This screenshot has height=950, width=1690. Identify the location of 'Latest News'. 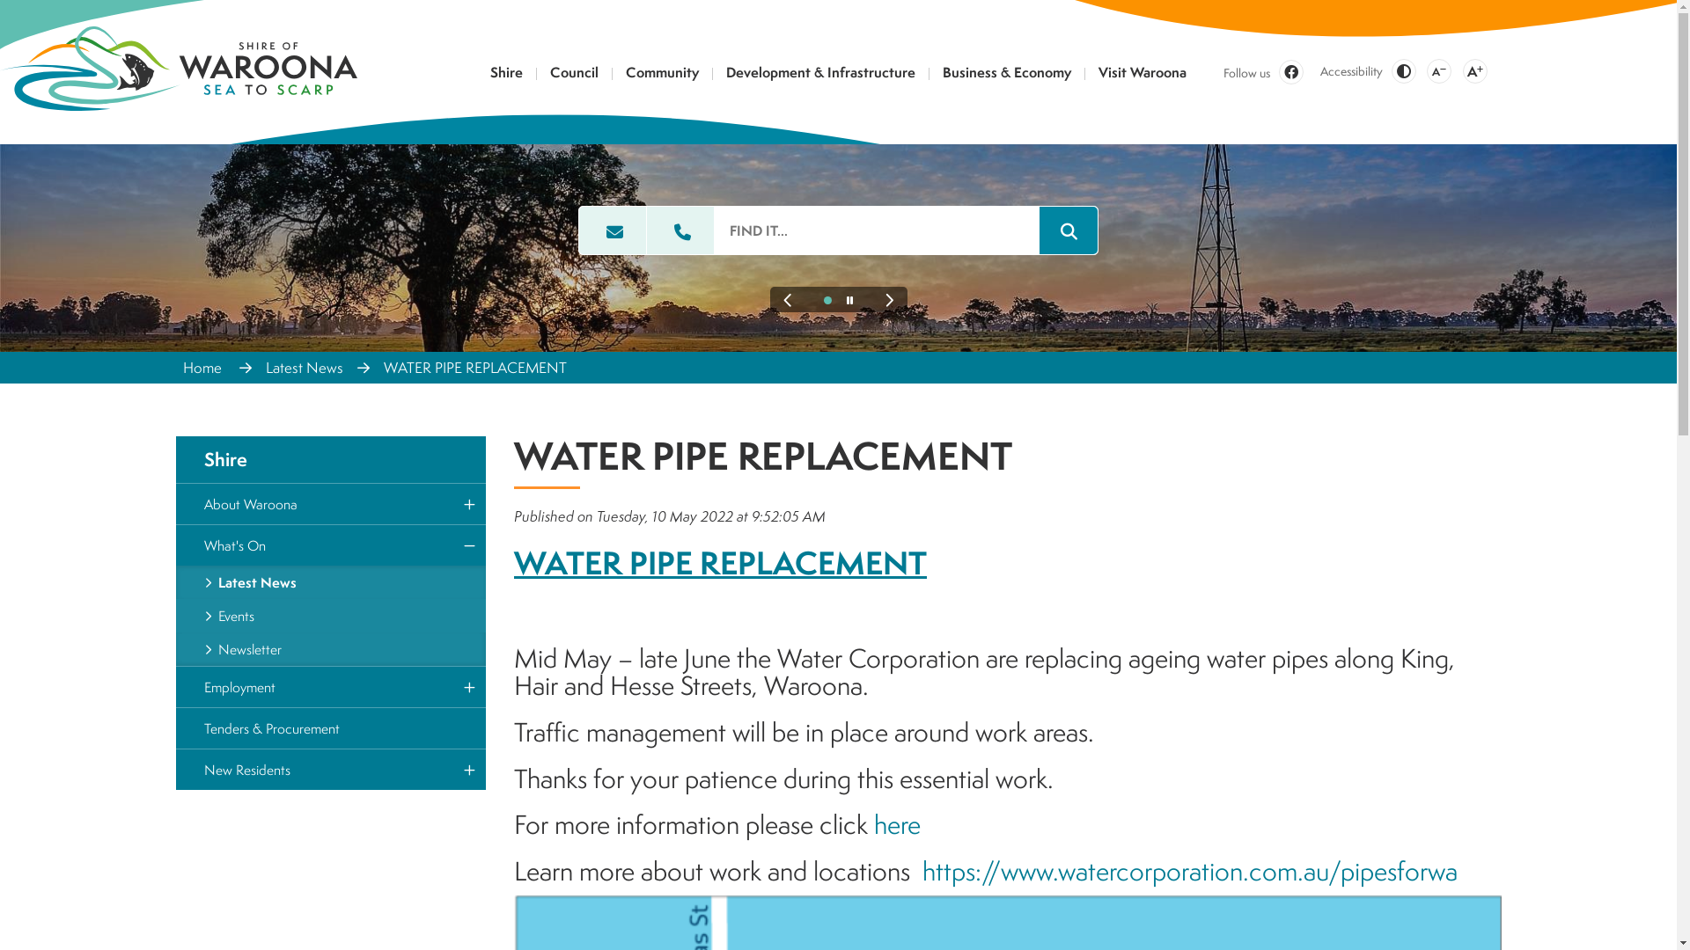
(304, 366).